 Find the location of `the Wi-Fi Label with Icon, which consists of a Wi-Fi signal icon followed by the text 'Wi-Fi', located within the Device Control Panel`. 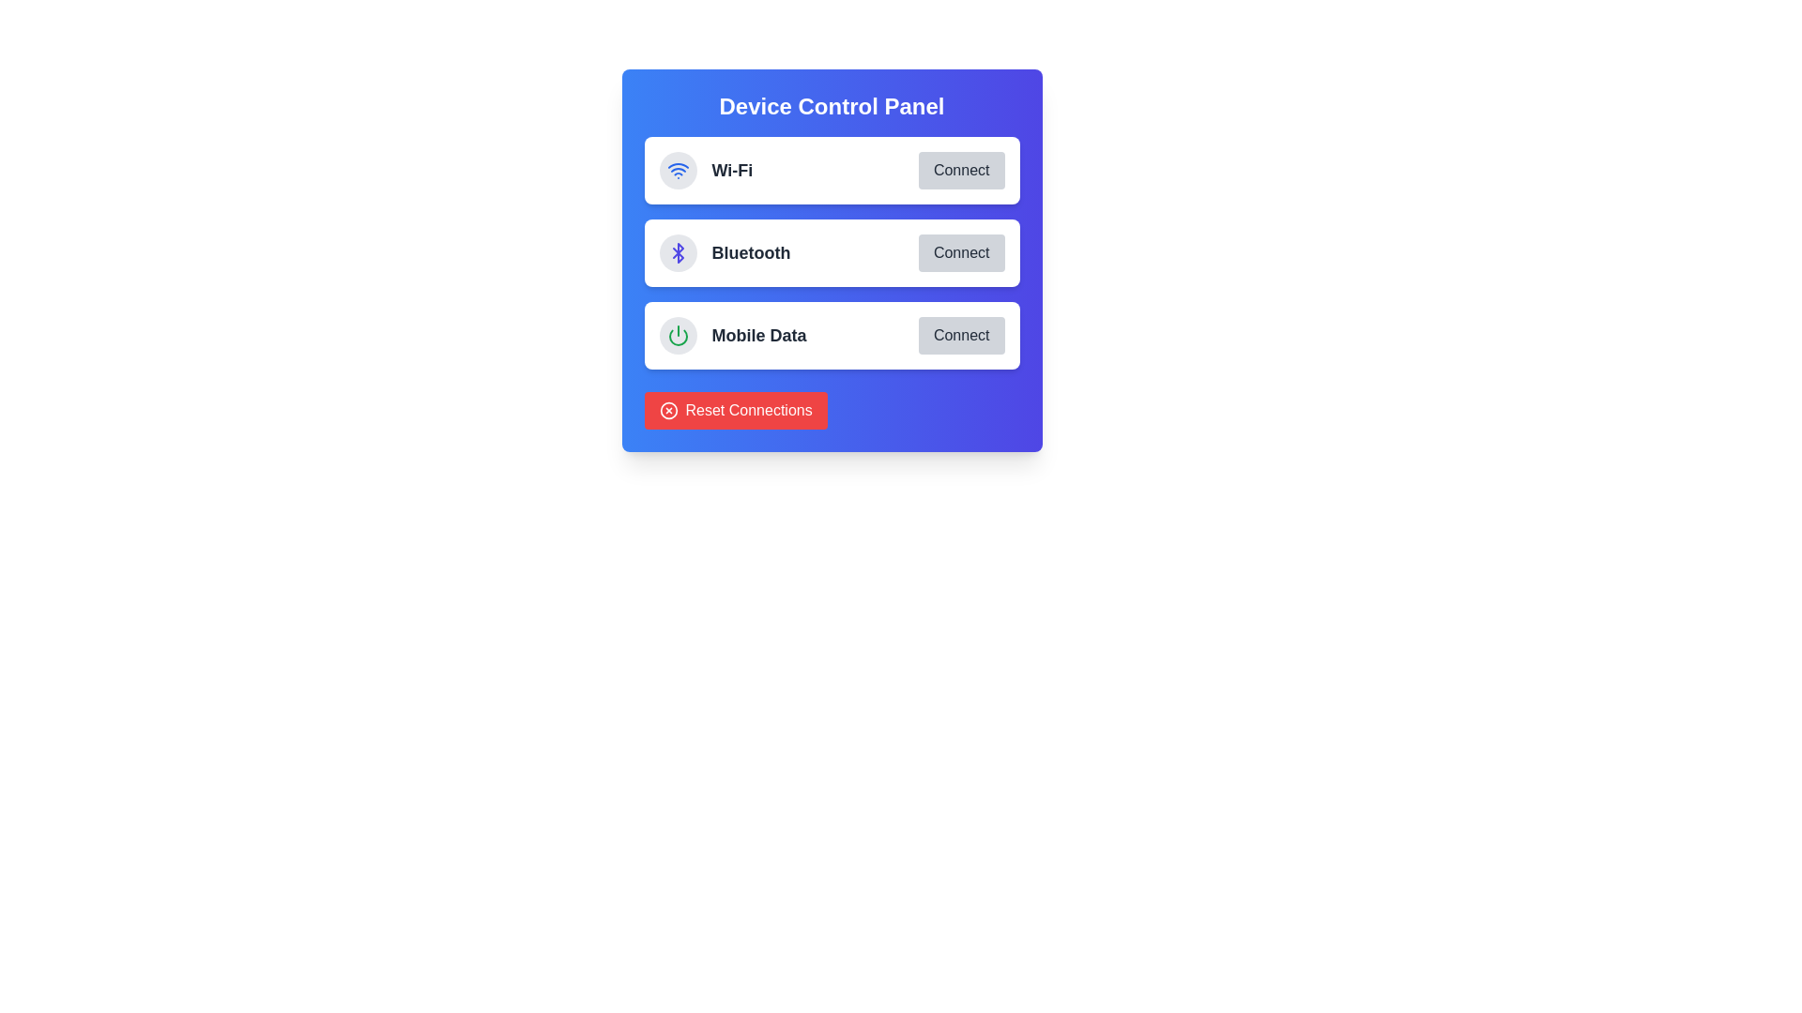

the Wi-Fi Label with Icon, which consists of a Wi-Fi signal icon followed by the text 'Wi-Fi', located within the Device Control Panel is located at coordinates (705, 170).